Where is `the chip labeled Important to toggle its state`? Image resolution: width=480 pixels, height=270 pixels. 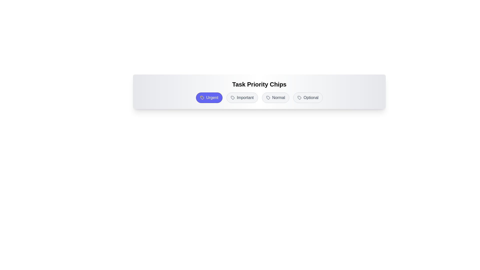 the chip labeled Important to toggle its state is located at coordinates (242, 97).